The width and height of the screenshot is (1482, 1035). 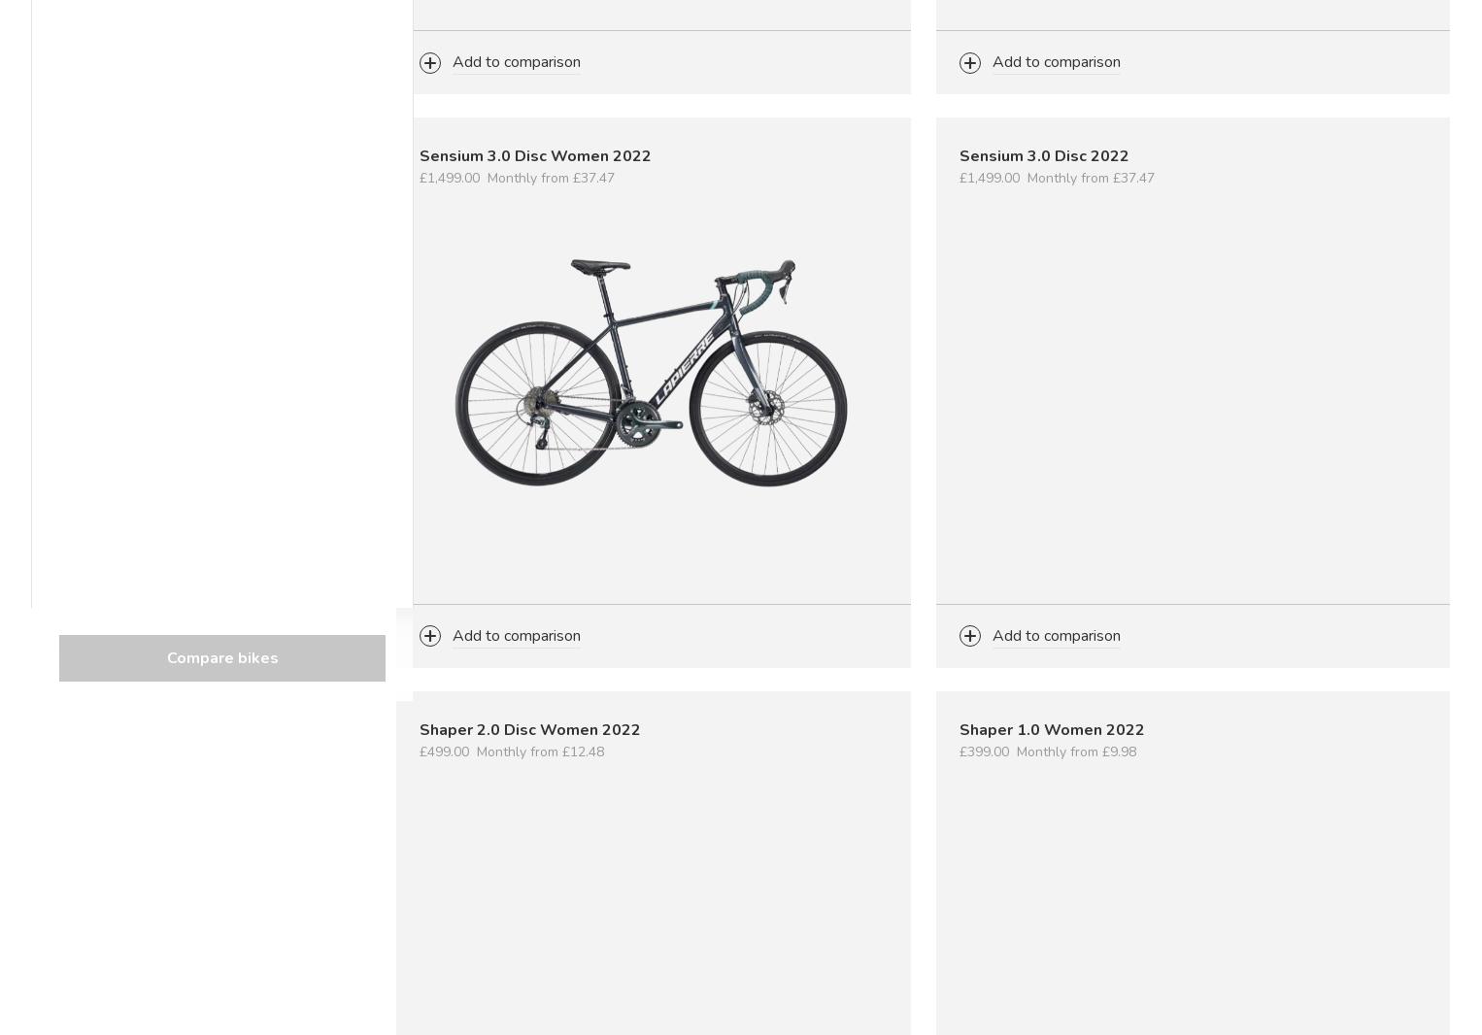 I want to click on 'Sensium 3.0 Disc Women 2022', so click(x=420, y=154).